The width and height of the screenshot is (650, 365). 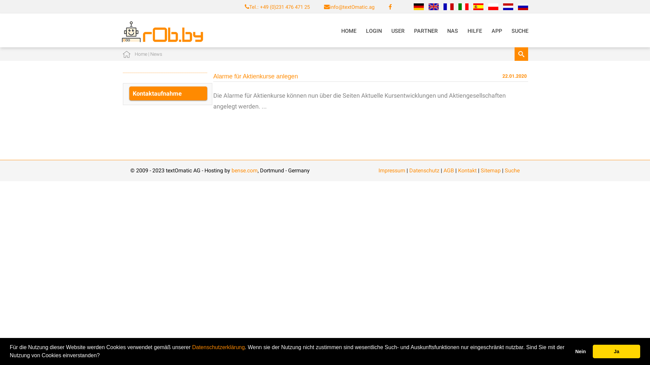 I want to click on 'NAS', so click(x=453, y=31).